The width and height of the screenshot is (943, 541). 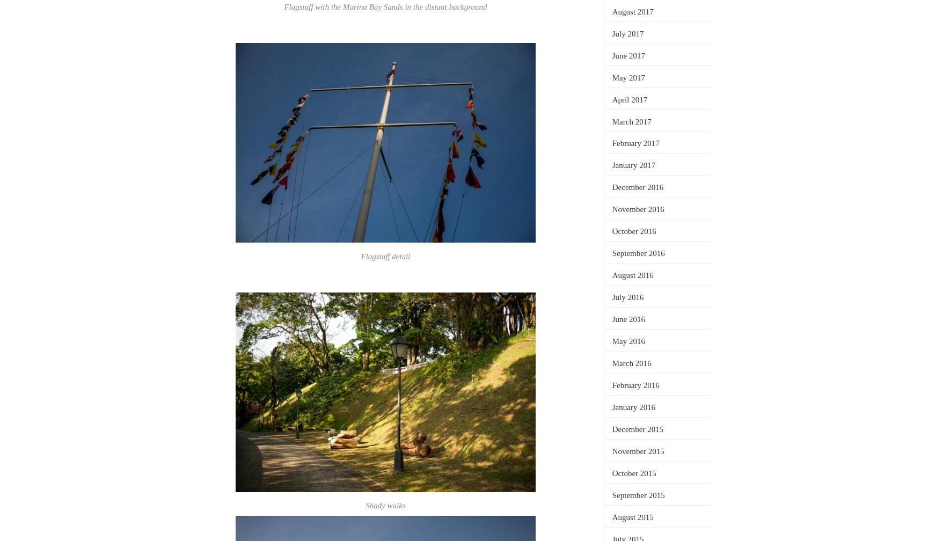 What do you see at coordinates (611, 451) in the screenshot?
I see `'November 2015'` at bounding box center [611, 451].